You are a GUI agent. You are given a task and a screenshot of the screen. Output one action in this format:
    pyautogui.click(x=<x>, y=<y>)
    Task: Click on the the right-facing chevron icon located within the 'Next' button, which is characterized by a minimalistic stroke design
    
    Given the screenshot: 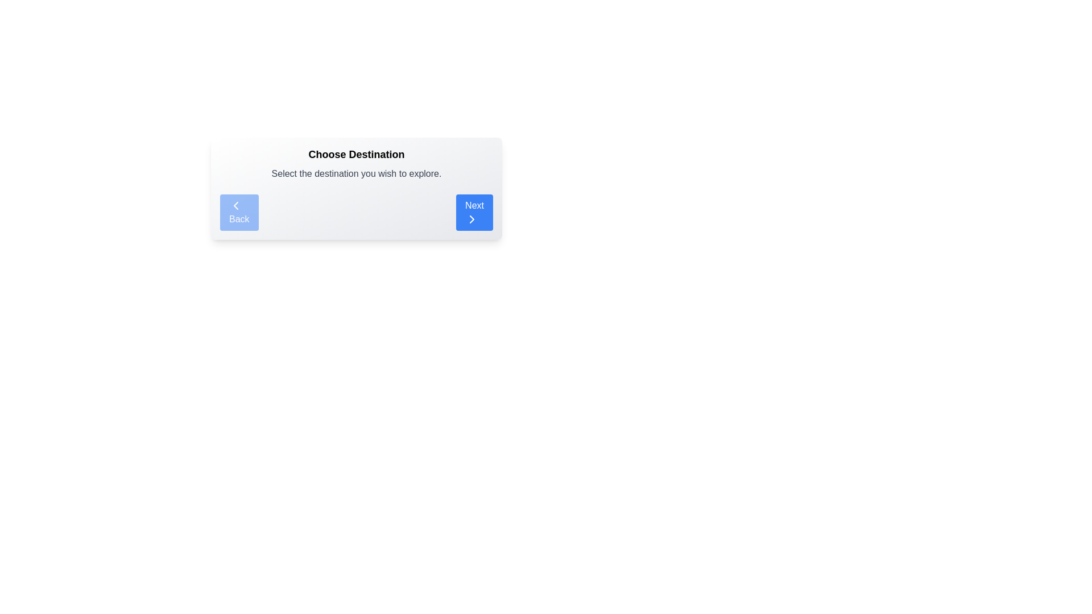 What is the action you would take?
    pyautogui.click(x=472, y=219)
    